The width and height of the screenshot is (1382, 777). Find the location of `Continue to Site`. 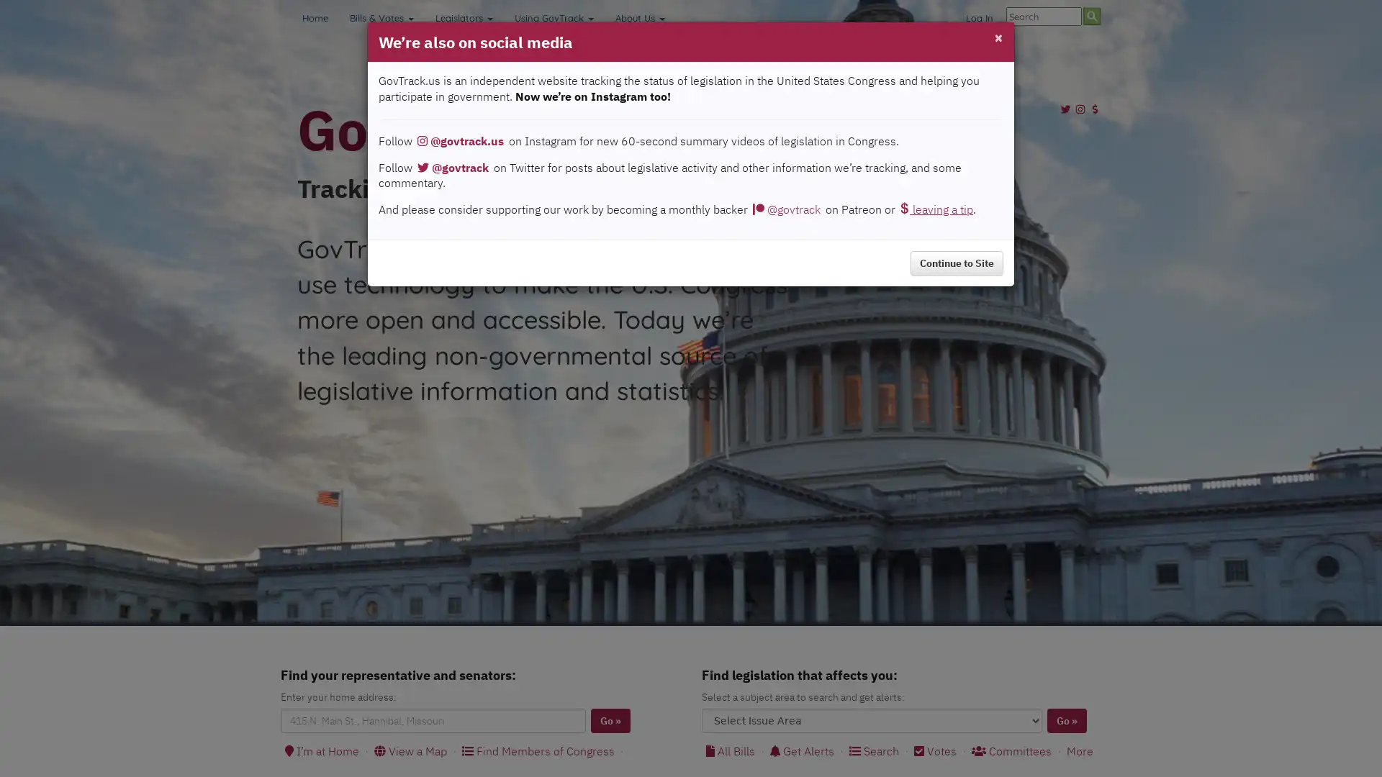

Continue to Site is located at coordinates (957, 263).